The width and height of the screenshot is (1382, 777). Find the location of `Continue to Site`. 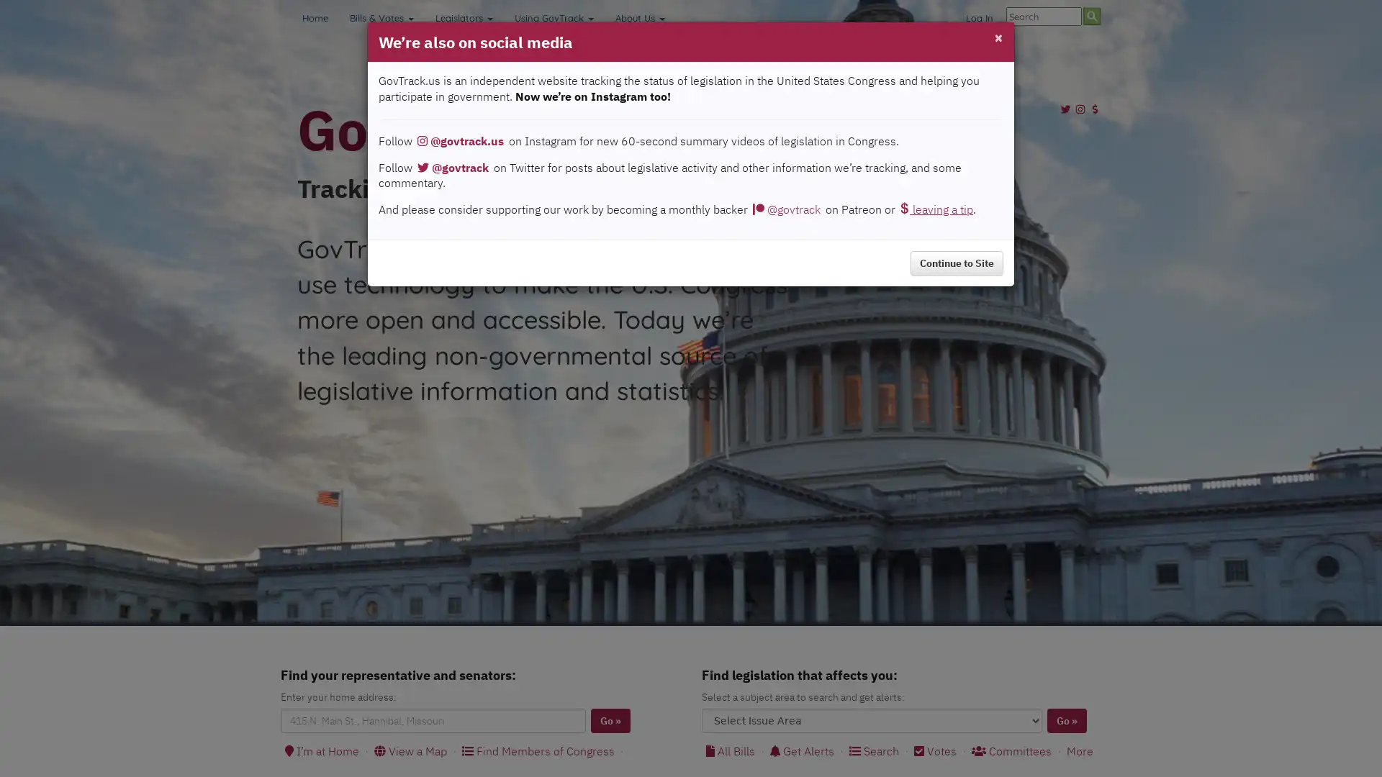

Continue to Site is located at coordinates (957, 263).